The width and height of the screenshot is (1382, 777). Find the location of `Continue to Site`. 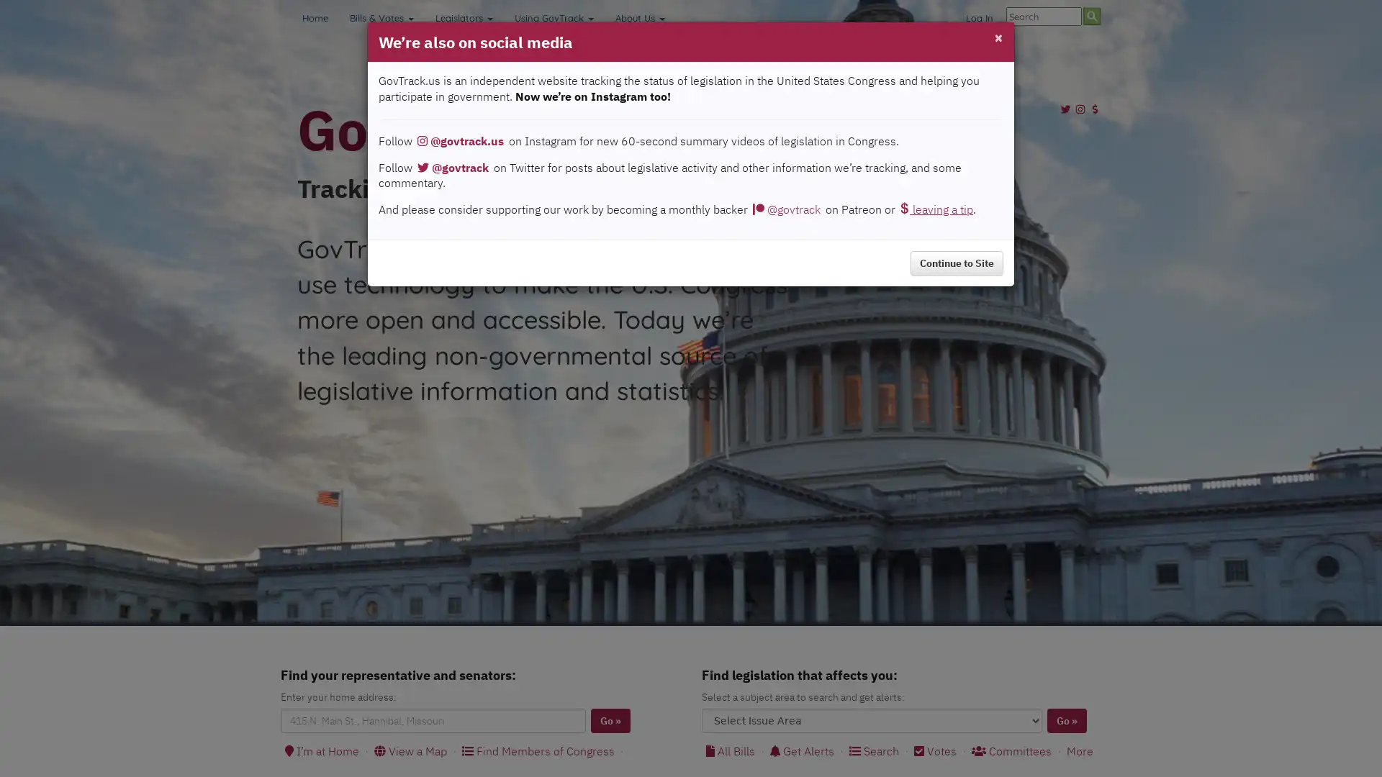

Continue to Site is located at coordinates (957, 263).